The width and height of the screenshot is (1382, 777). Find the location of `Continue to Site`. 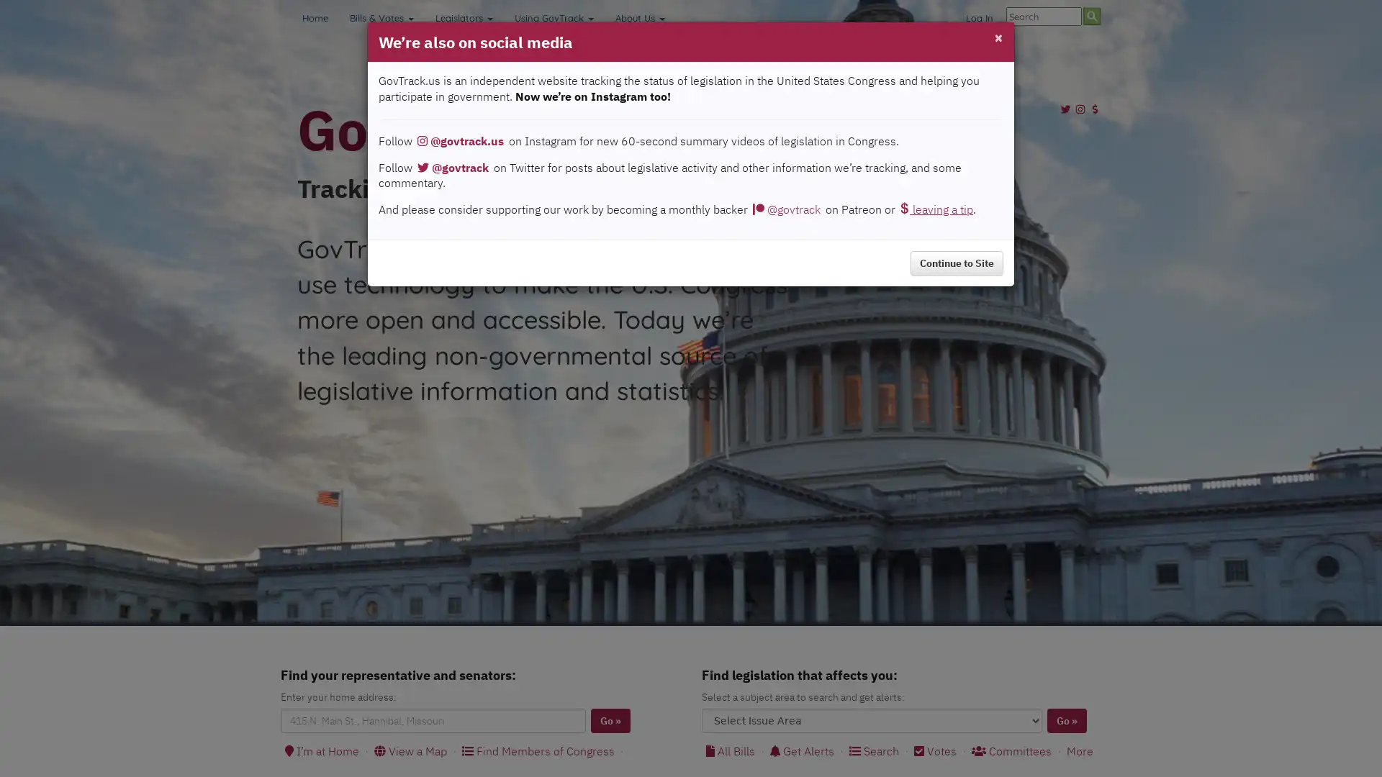

Continue to Site is located at coordinates (957, 263).